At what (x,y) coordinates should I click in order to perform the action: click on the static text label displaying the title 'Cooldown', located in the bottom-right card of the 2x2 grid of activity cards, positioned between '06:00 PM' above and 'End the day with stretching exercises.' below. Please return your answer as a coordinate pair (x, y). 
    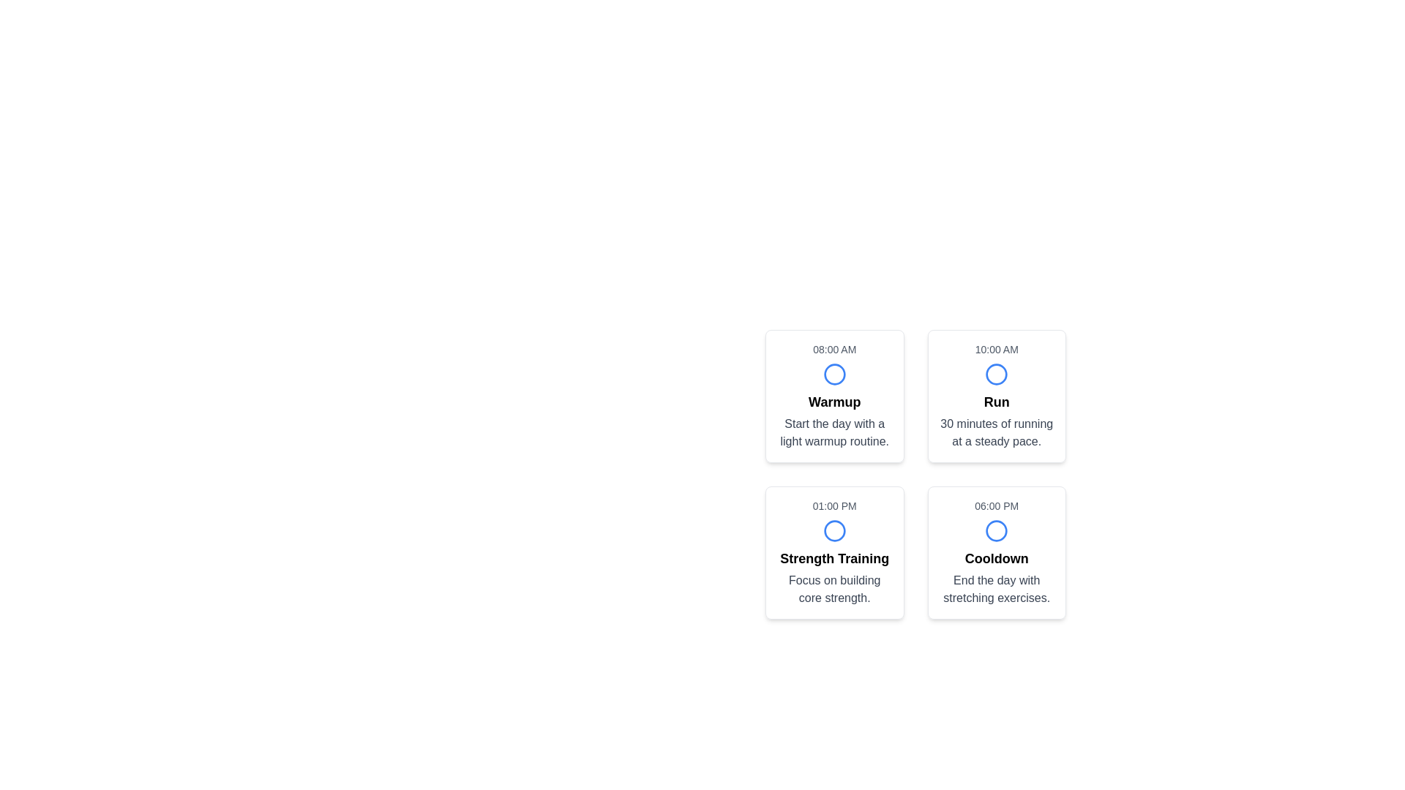
    Looking at the image, I should click on (996, 558).